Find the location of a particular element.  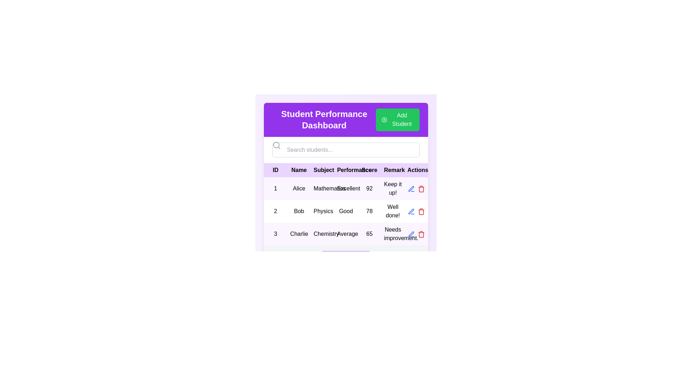

the Text component that provides remarks related to Bob's performance in Physics, located in the second row of the table in the 'Remarks' column is located at coordinates (392, 211).